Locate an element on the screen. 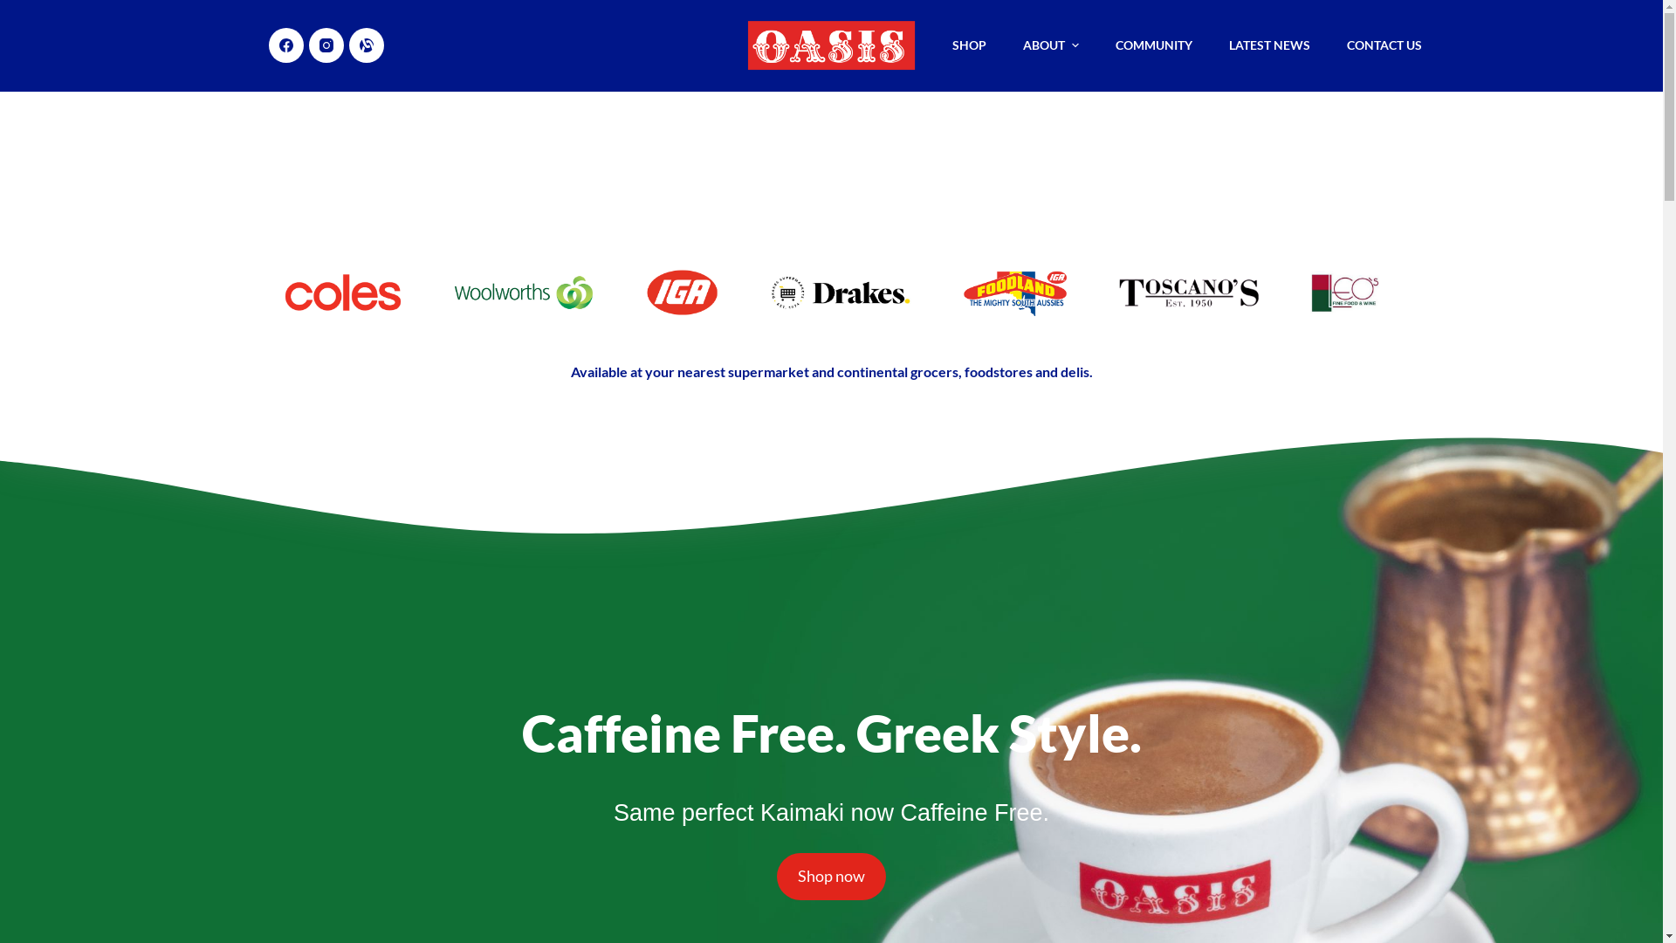  'CONTACT US' is located at coordinates (1383, 44).